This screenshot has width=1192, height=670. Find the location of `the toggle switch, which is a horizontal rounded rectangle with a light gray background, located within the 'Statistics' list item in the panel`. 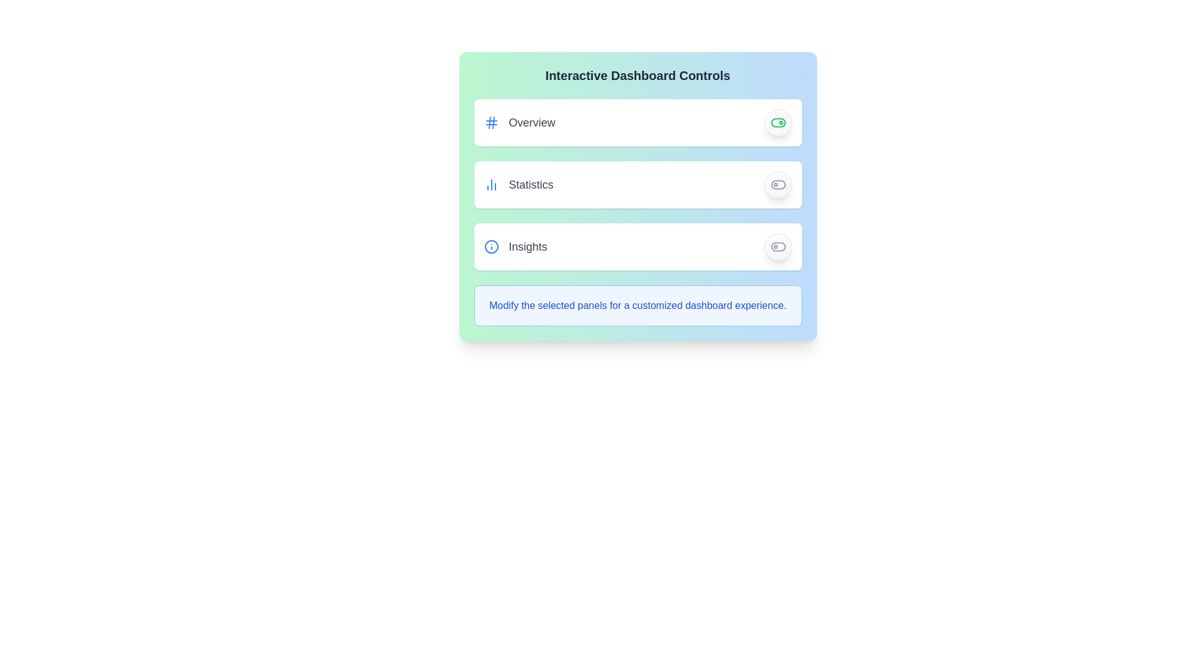

the toggle switch, which is a horizontal rounded rectangle with a light gray background, located within the 'Statistics' list item in the panel is located at coordinates (777, 184).